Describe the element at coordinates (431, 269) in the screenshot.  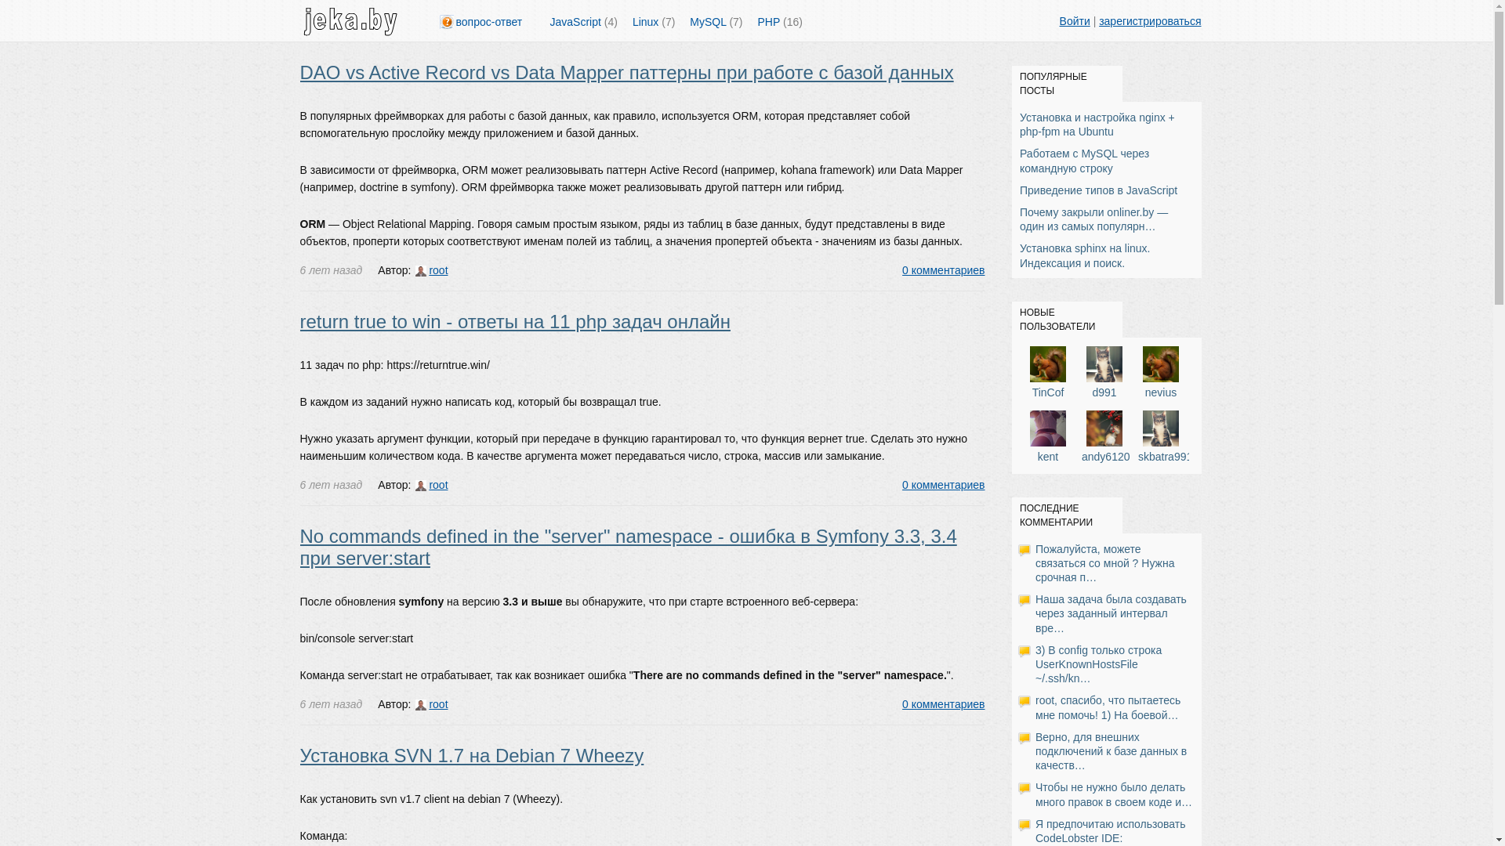
I see `'root'` at that location.